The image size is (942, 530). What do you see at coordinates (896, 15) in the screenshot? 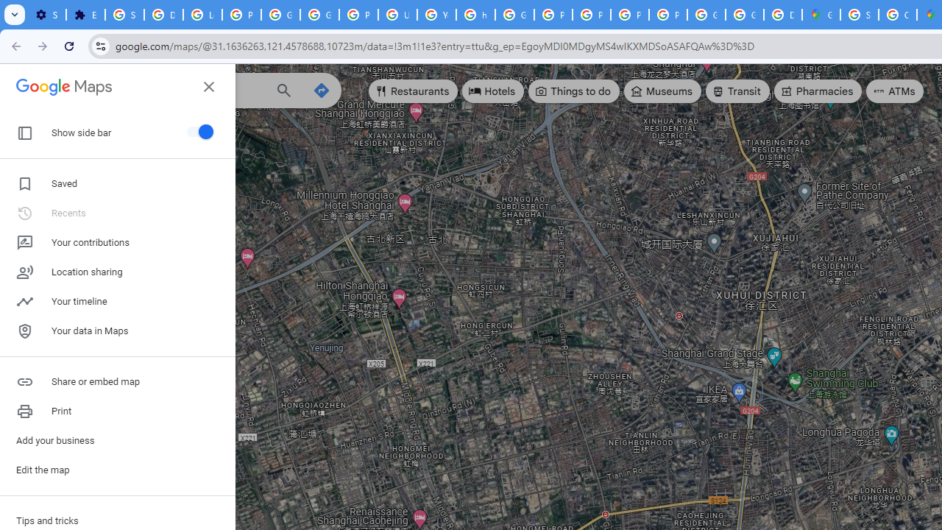
I see `'Create your Google Account'` at bounding box center [896, 15].